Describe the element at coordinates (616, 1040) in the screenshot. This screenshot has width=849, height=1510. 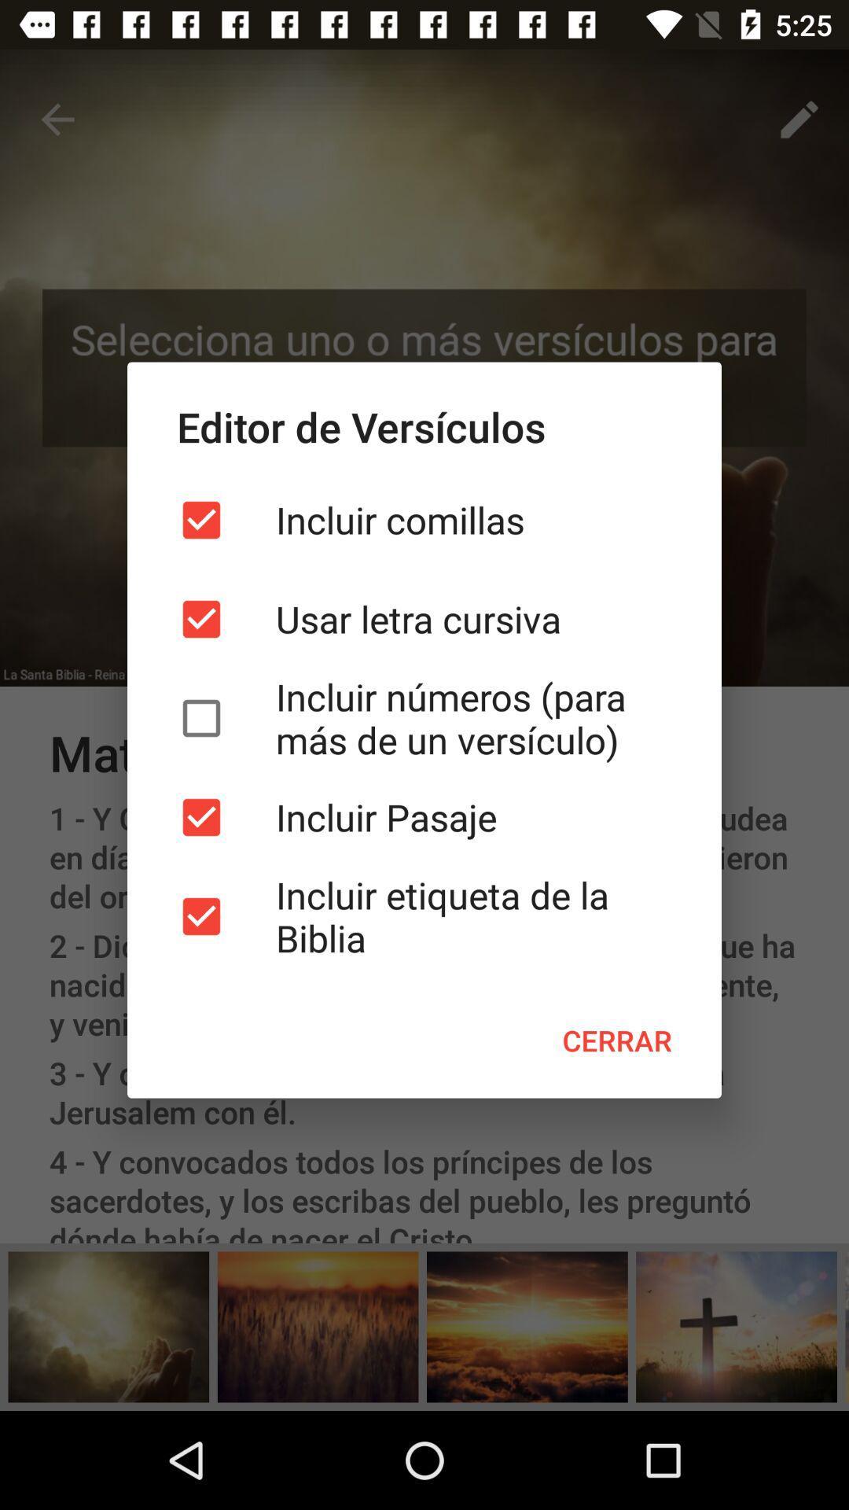
I see `item below incluir etiqueta de` at that location.